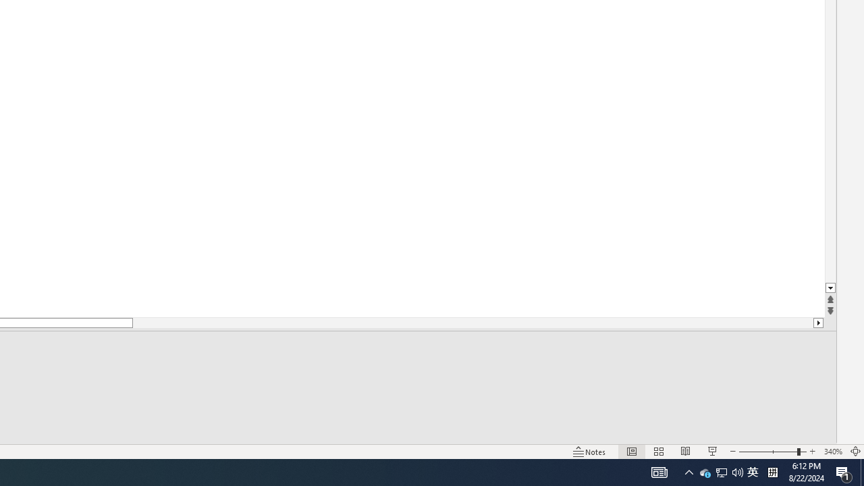 This screenshot has height=486, width=864. I want to click on 'Zoom 340%', so click(832, 452).